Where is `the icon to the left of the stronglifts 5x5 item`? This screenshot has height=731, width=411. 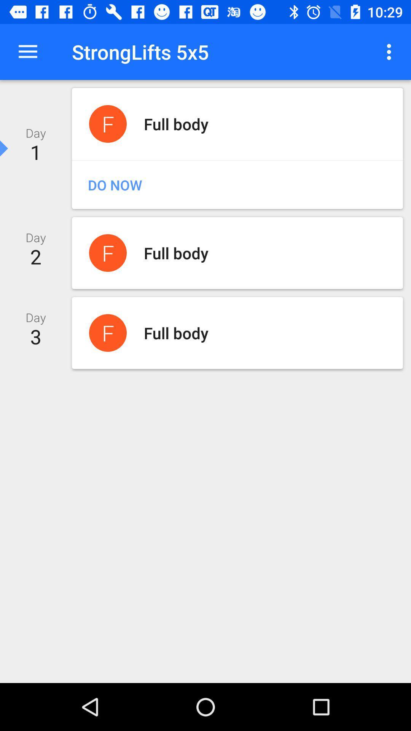 the icon to the left of the stronglifts 5x5 item is located at coordinates (27, 51).